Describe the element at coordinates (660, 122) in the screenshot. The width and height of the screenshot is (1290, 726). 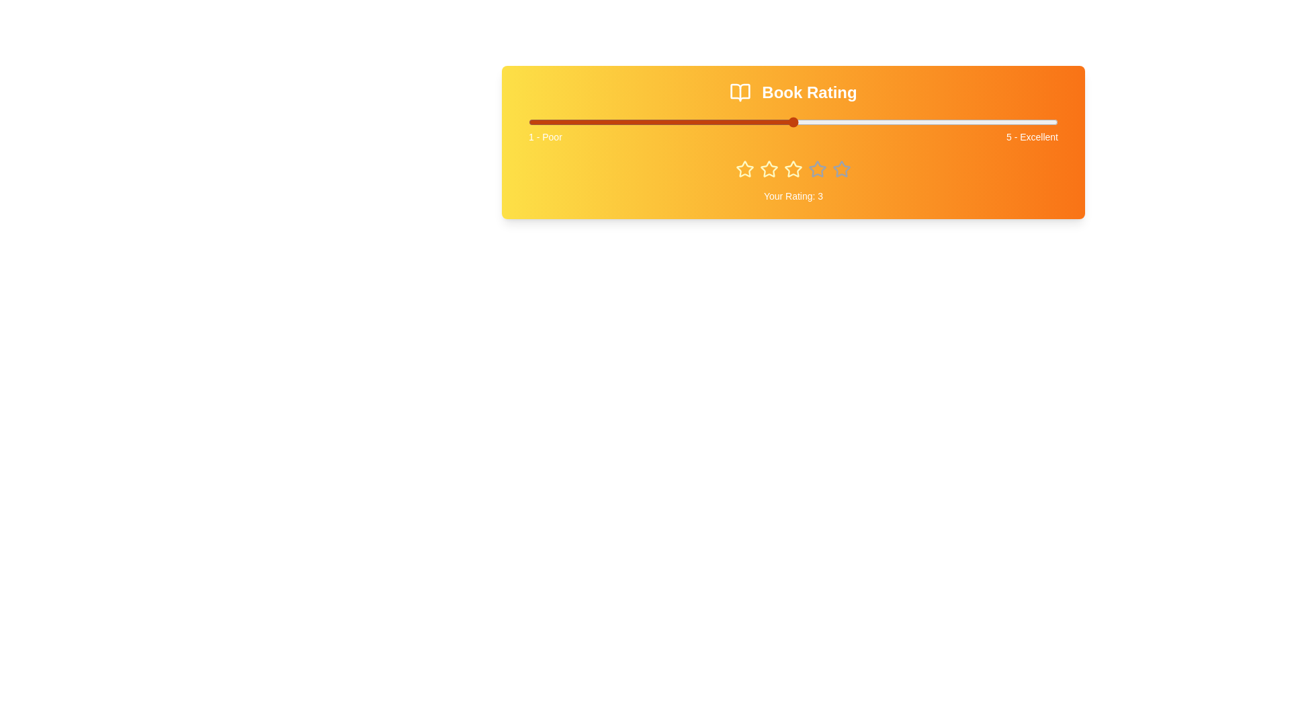
I see `the book rating slider` at that location.